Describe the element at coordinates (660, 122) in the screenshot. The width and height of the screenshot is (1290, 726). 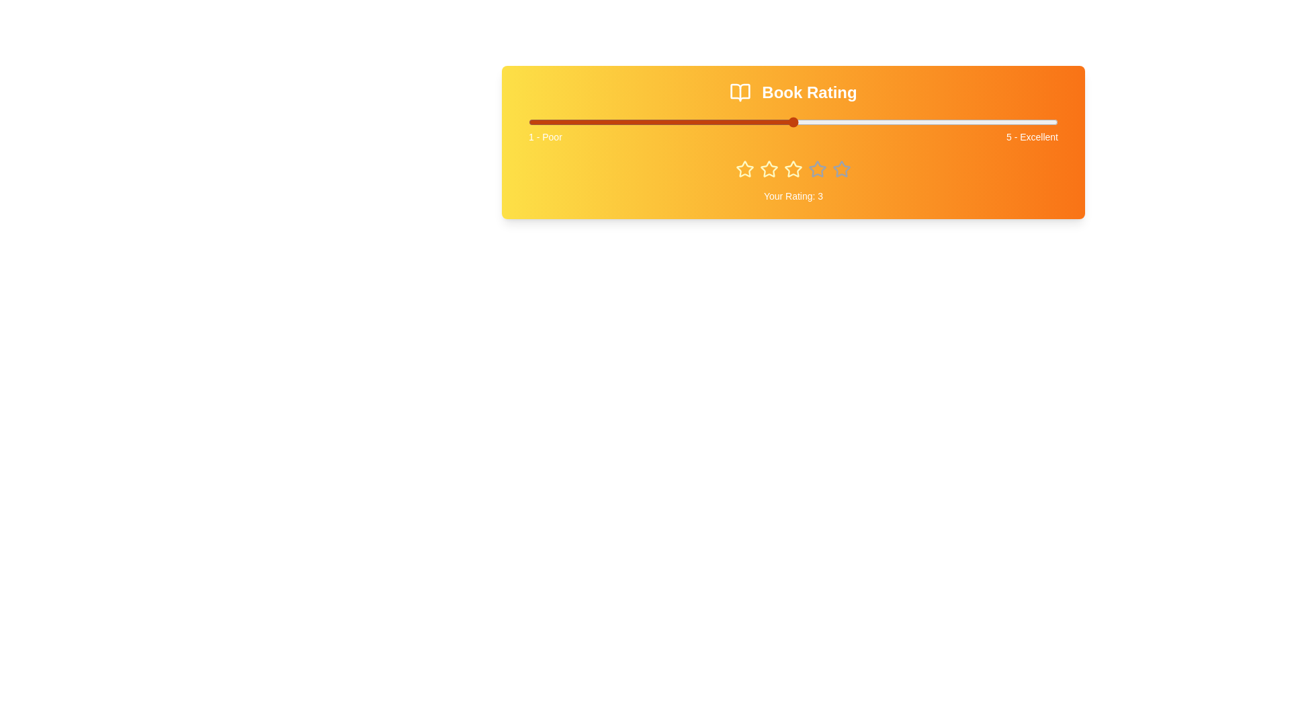
I see `the book rating slider` at that location.